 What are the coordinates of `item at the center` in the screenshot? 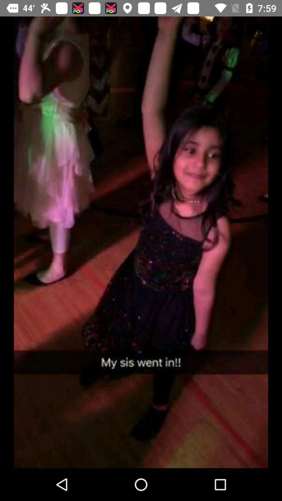 It's located at (141, 242).